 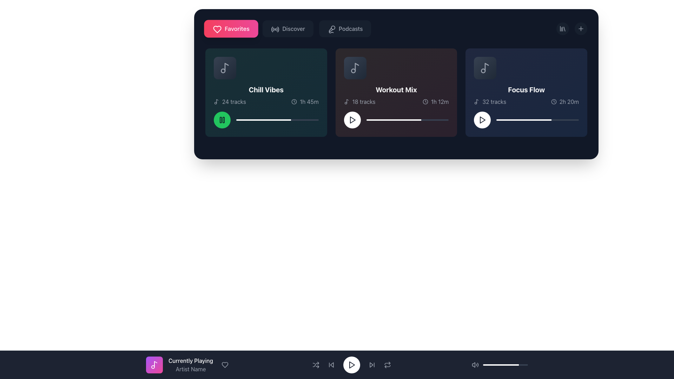 What do you see at coordinates (364, 101) in the screenshot?
I see `the text label indicating the number of tracks in the 'Workout Mix' playlist, which is positioned above a white horizontal progress bar and to the right of a small music icon` at bounding box center [364, 101].